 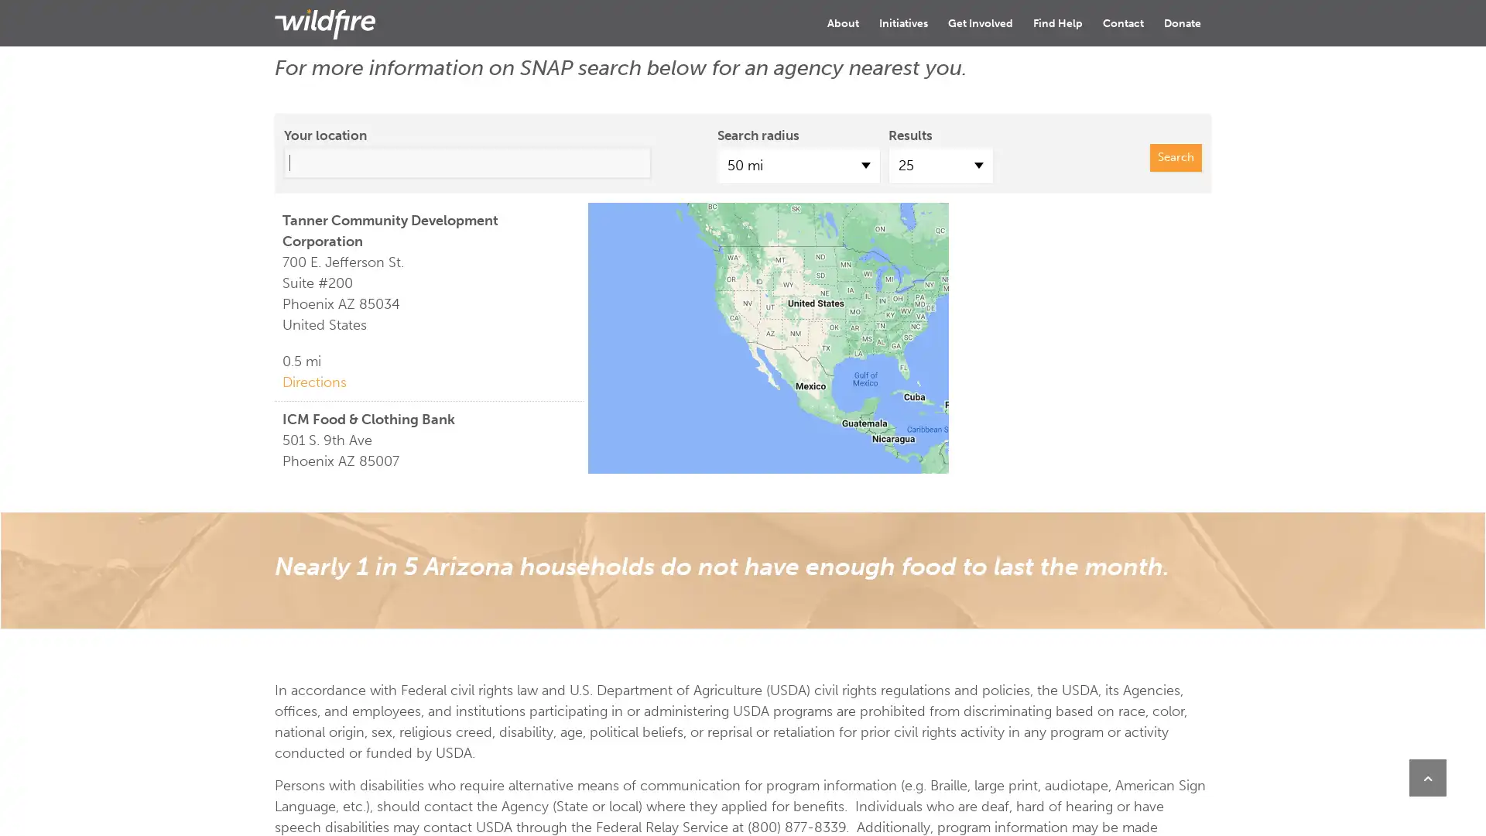 I want to click on Keogh HC at WIC, so click(x=864, y=307).